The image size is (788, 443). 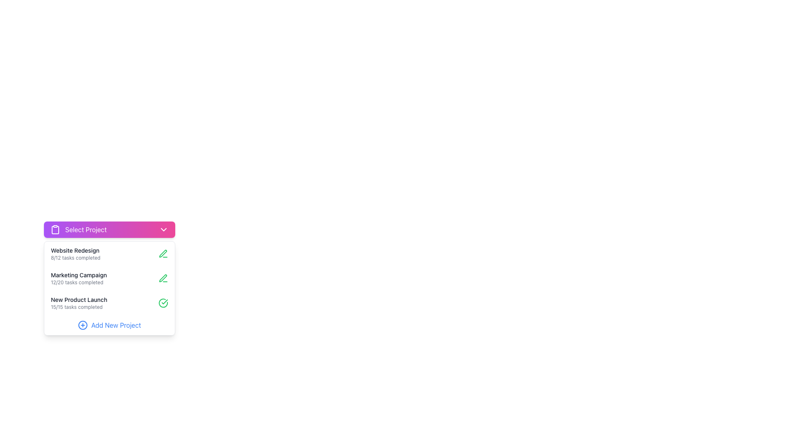 I want to click on the small green pen icon next to the 'Website Redesign' task item in the dropdown project selection menu, so click(x=163, y=278).